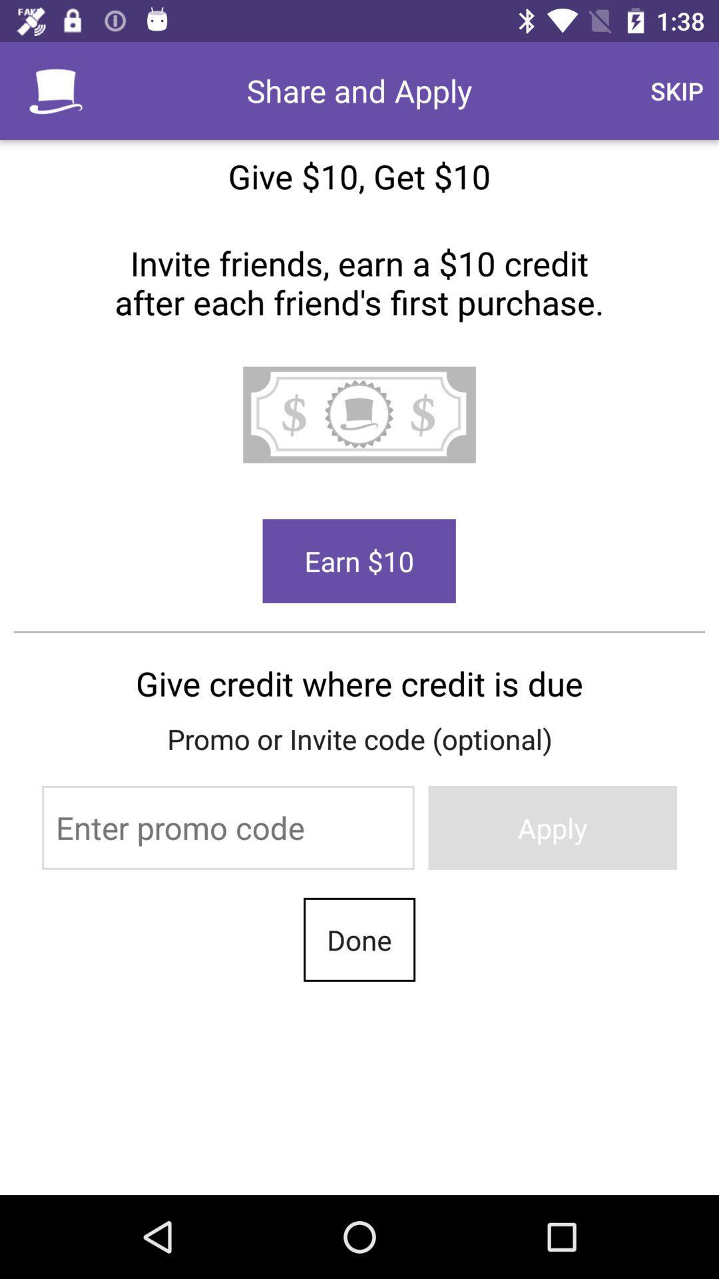  Describe the element at coordinates (359, 939) in the screenshot. I see `done` at that location.